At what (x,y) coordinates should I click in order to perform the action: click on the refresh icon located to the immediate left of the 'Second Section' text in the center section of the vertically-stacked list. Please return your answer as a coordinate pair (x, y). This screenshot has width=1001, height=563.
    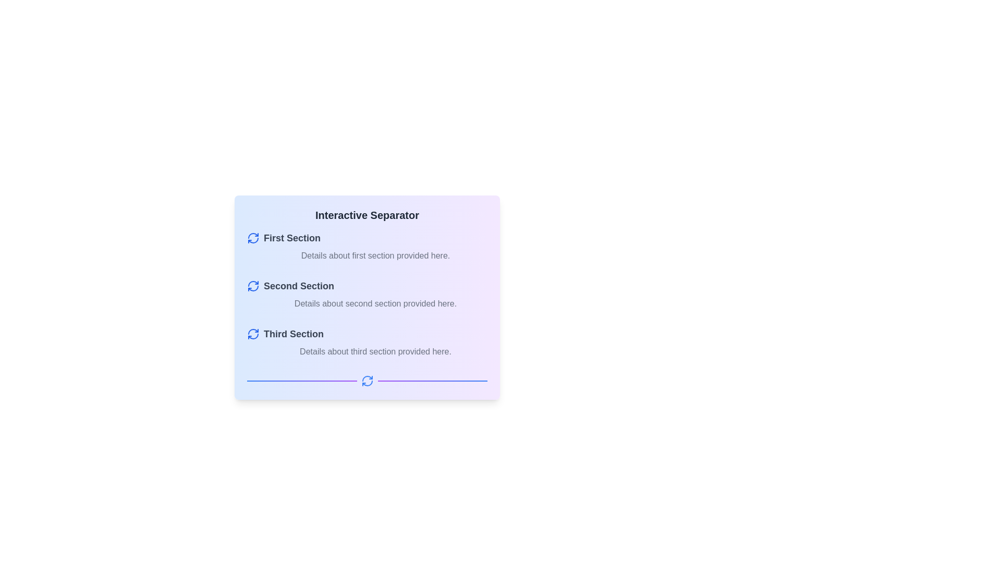
    Looking at the image, I should click on (253, 286).